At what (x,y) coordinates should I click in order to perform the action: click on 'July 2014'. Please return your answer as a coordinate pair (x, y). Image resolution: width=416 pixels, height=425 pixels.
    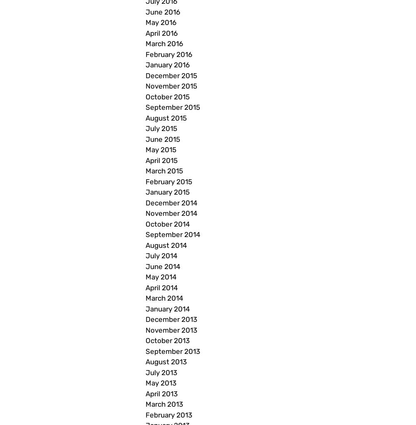
    Looking at the image, I should click on (145, 255).